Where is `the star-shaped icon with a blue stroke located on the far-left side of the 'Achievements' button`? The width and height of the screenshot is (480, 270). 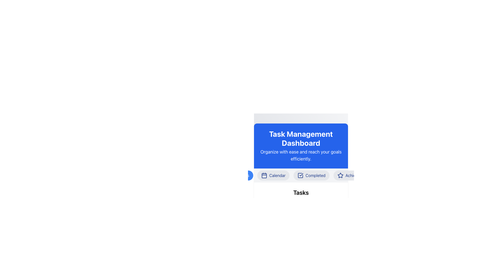 the star-shaped icon with a blue stroke located on the far-left side of the 'Achievements' button is located at coordinates (340, 175).